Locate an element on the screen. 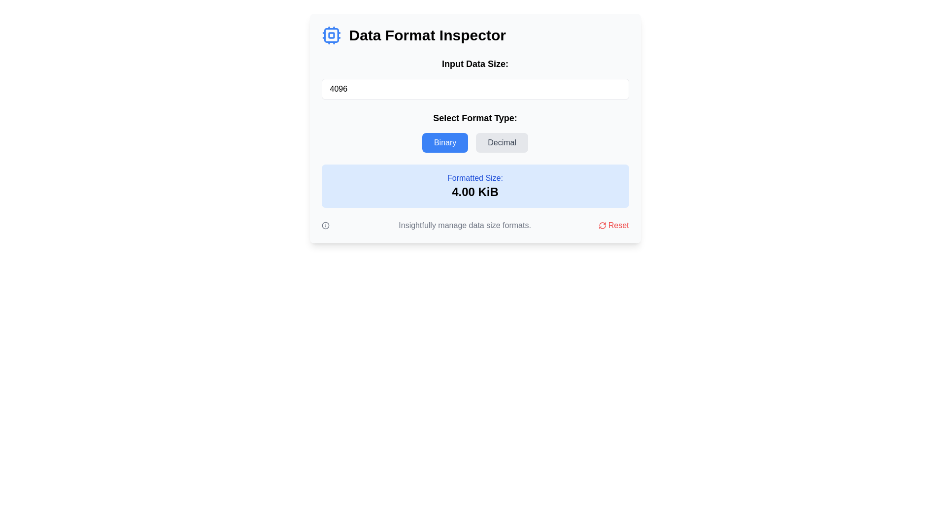 This screenshot has height=532, width=946. the blue-shaded square or rounded rectangle graphic element located centrally within the CPU icon in the upper-left quadrant of the user interface is located at coordinates (331, 35).